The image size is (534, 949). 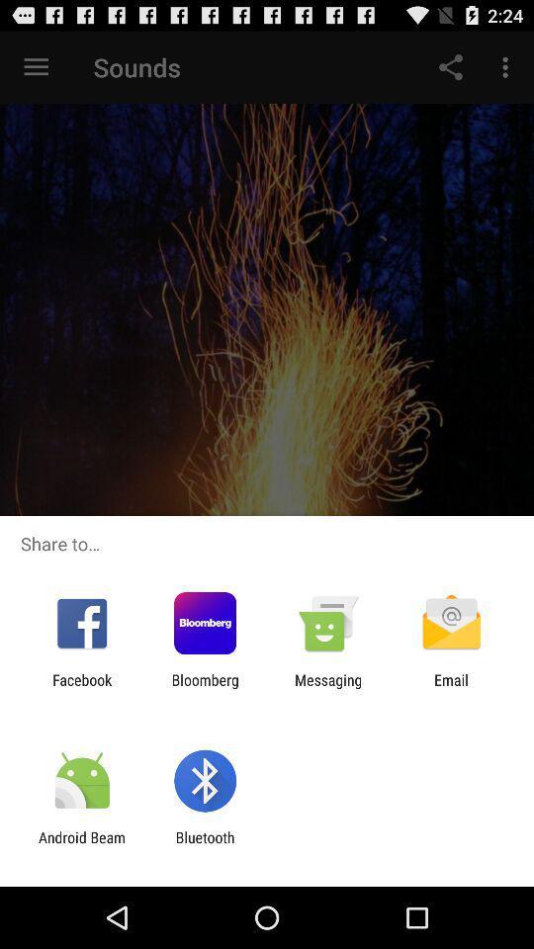 What do you see at coordinates (204, 845) in the screenshot?
I see `icon next to the android beam icon` at bounding box center [204, 845].